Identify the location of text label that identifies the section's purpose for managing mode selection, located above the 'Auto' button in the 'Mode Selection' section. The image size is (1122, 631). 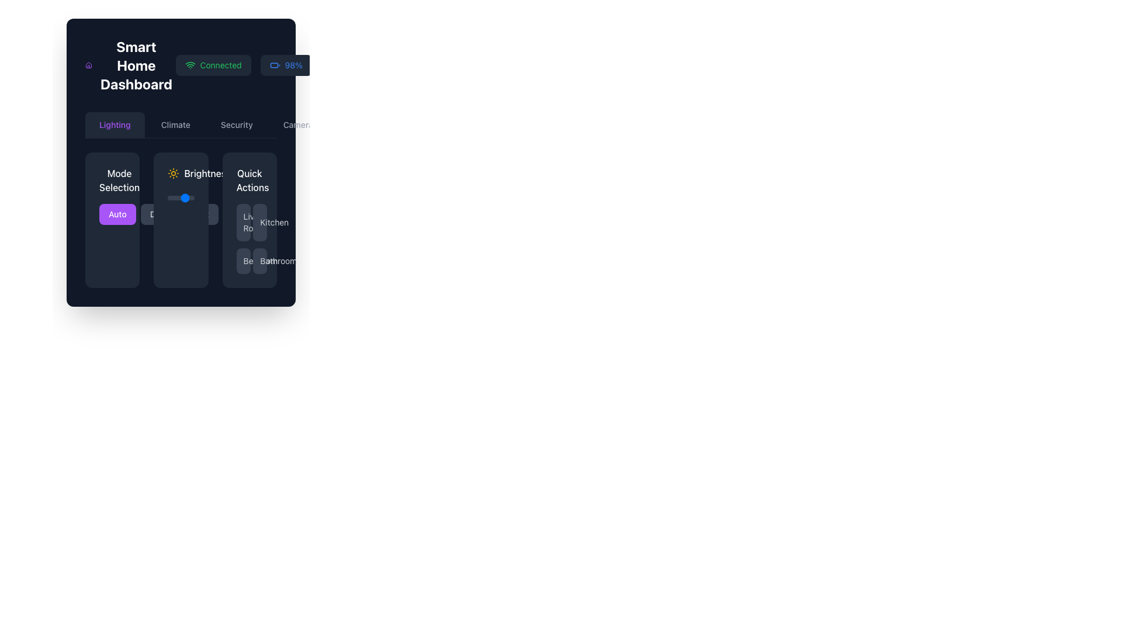
(119, 180).